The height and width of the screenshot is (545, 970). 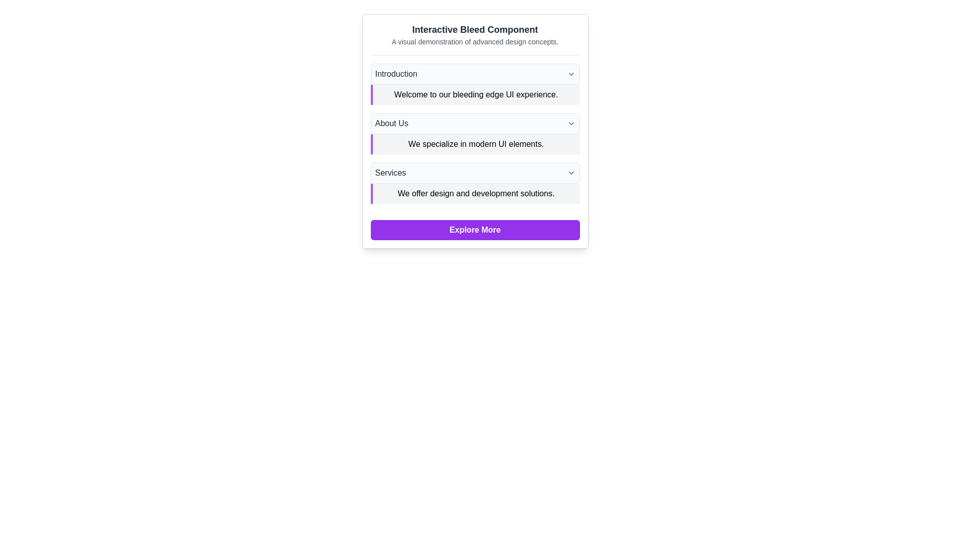 I want to click on the chevron icon that toggles the visibility of additional content under the 'About Us' label, located to the right side of the label, so click(x=571, y=123).